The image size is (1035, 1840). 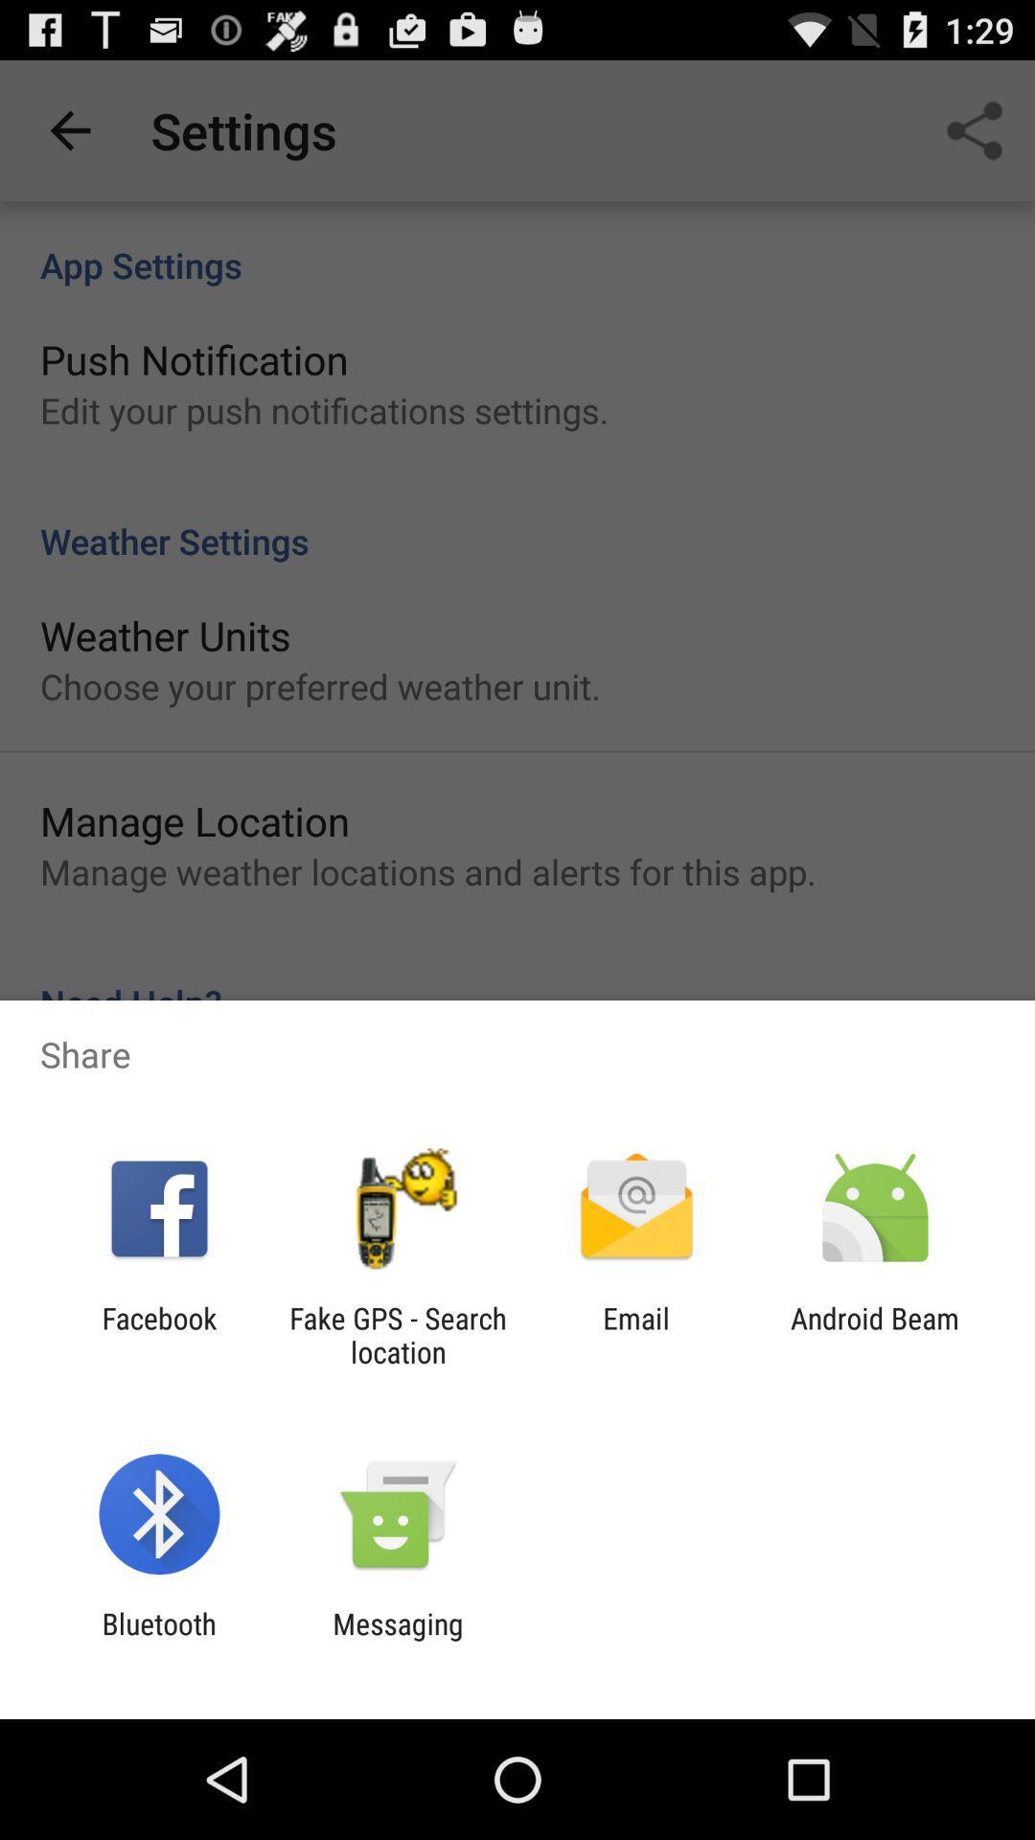 What do you see at coordinates (397, 1334) in the screenshot?
I see `the item to the left of the email app` at bounding box center [397, 1334].